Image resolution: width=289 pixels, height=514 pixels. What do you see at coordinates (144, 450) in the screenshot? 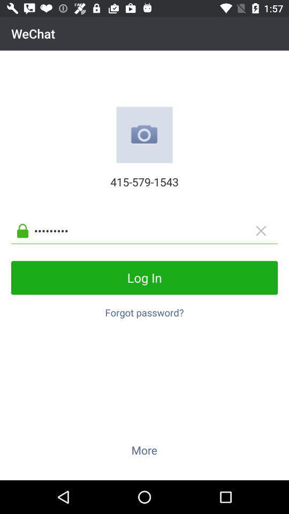
I see `more` at bounding box center [144, 450].